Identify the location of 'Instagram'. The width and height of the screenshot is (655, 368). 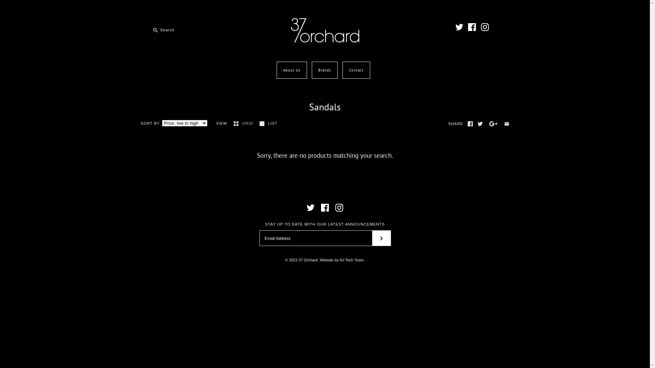
(484, 27).